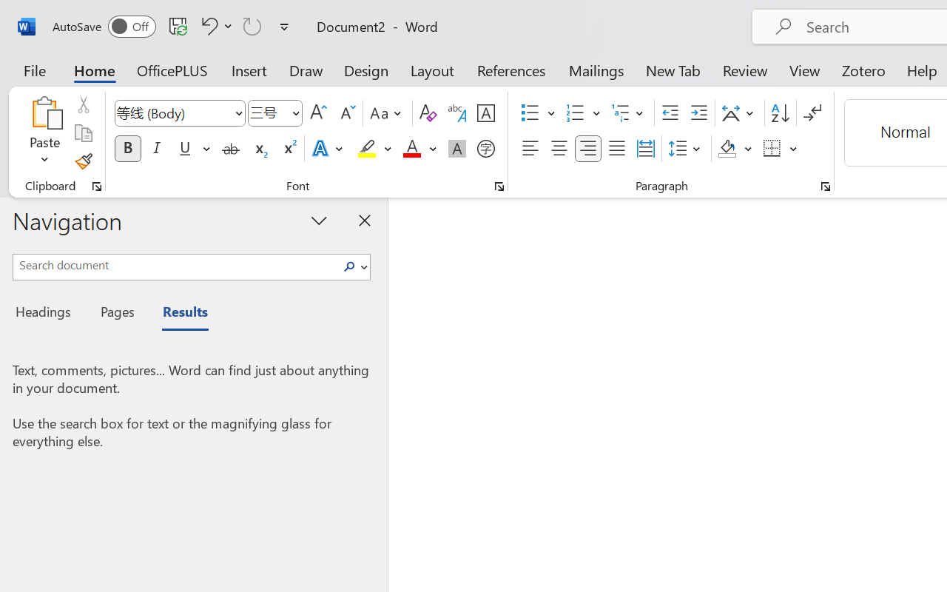  What do you see at coordinates (596, 70) in the screenshot?
I see `'Mailings'` at bounding box center [596, 70].